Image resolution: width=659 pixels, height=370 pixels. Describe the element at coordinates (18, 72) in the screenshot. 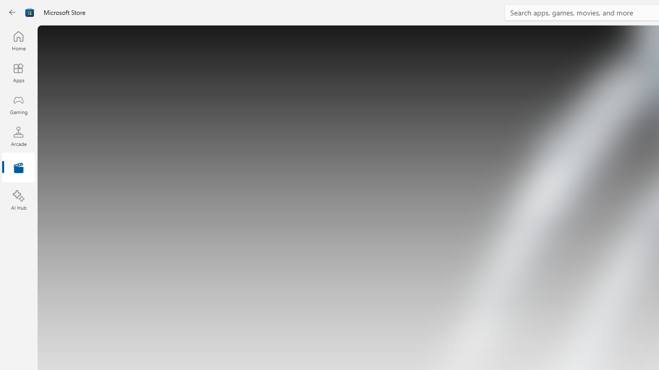

I see `'Apps'` at that location.